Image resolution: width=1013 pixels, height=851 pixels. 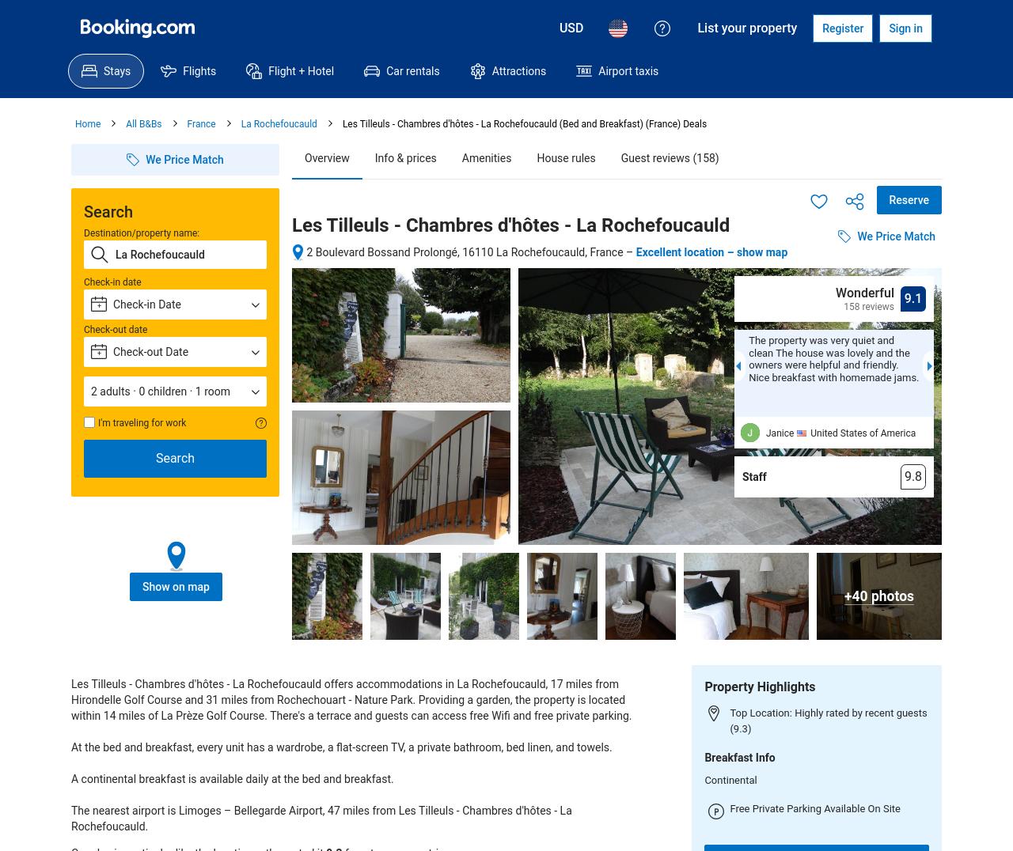 I want to click on '+40 photos', so click(x=878, y=595).